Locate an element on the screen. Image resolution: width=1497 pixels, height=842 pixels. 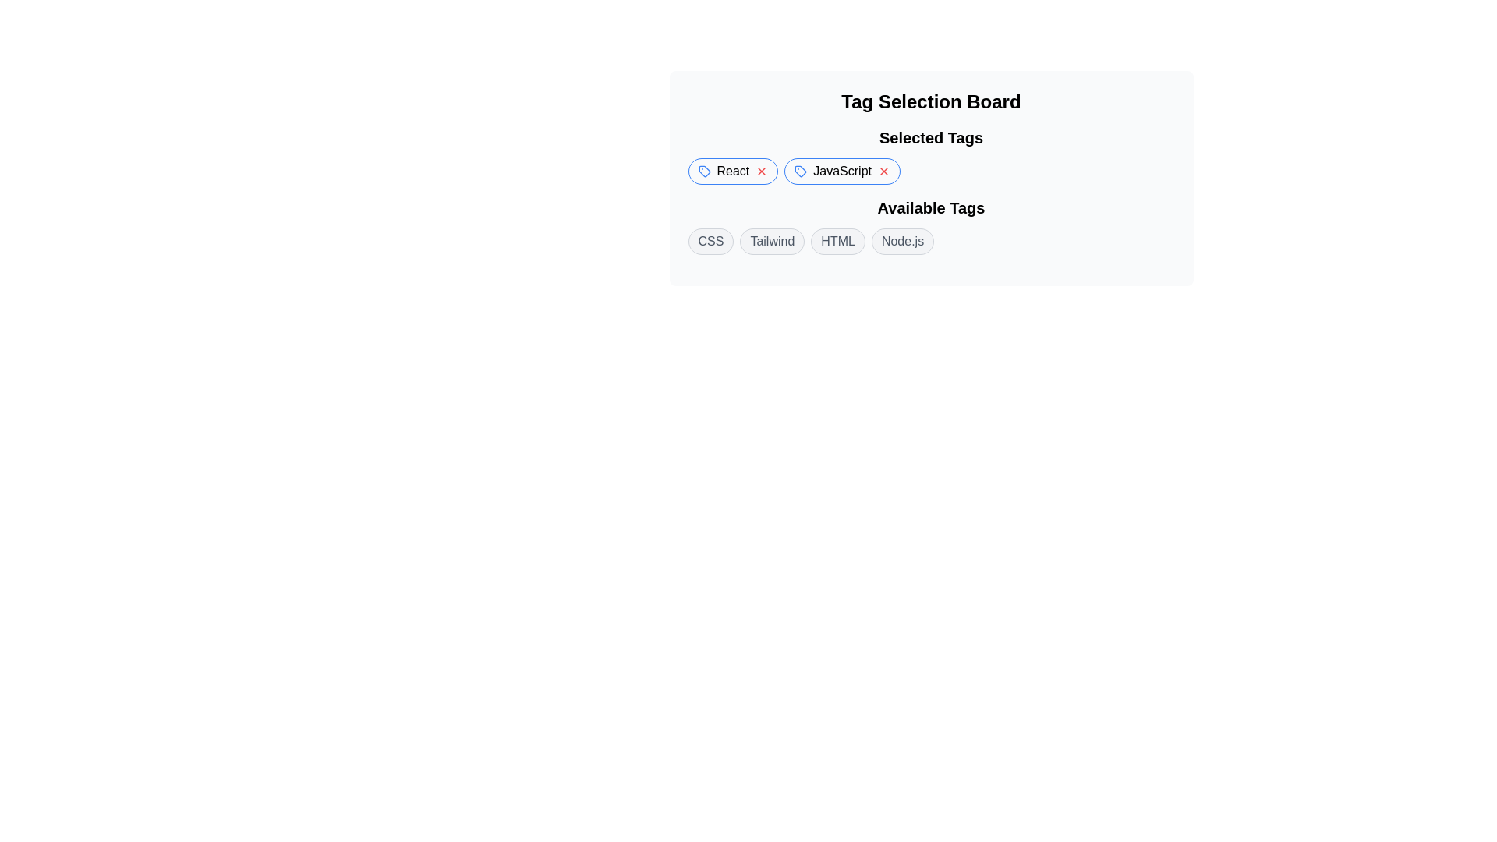
the 'Node.js' selectable tag in the 'Available Tags' section of the 'Tag Selection Board' is located at coordinates (902, 241).